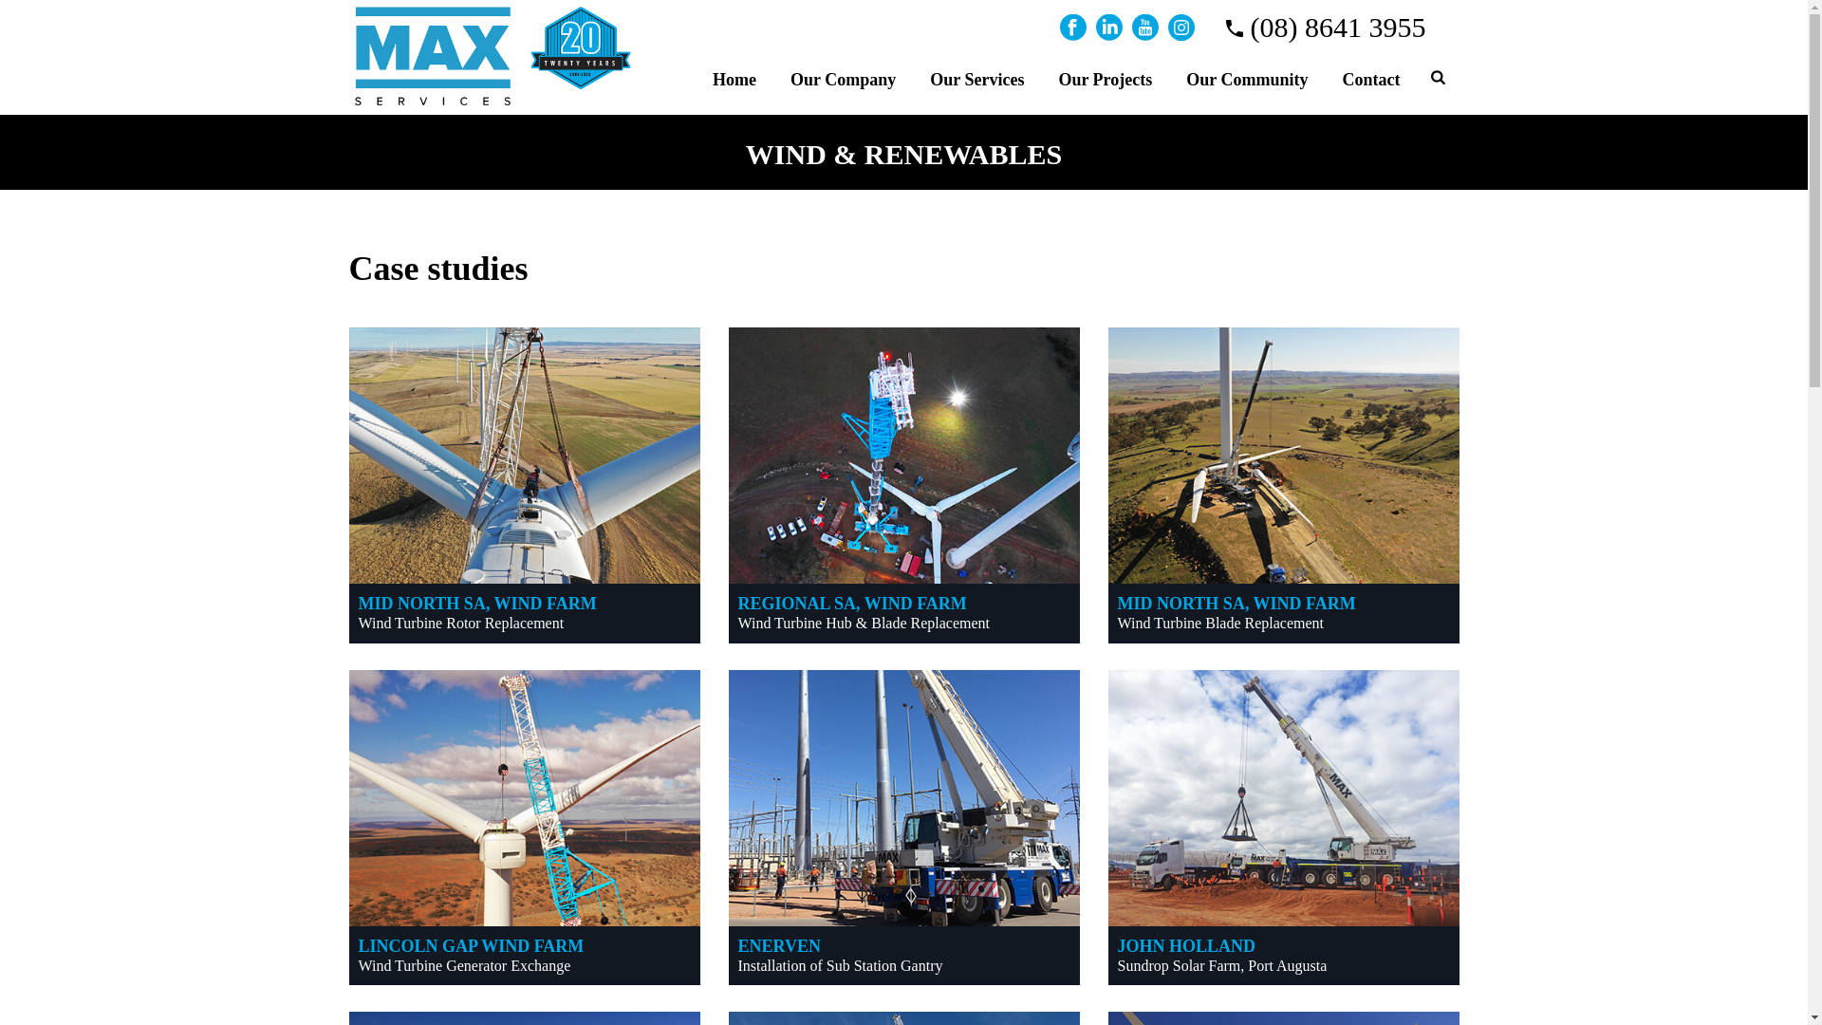 The width and height of the screenshot is (1822, 1025). What do you see at coordinates (1186, 945) in the screenshot?
I see `'JOHN HOLLAND'` at bounding box center [1186, 945].